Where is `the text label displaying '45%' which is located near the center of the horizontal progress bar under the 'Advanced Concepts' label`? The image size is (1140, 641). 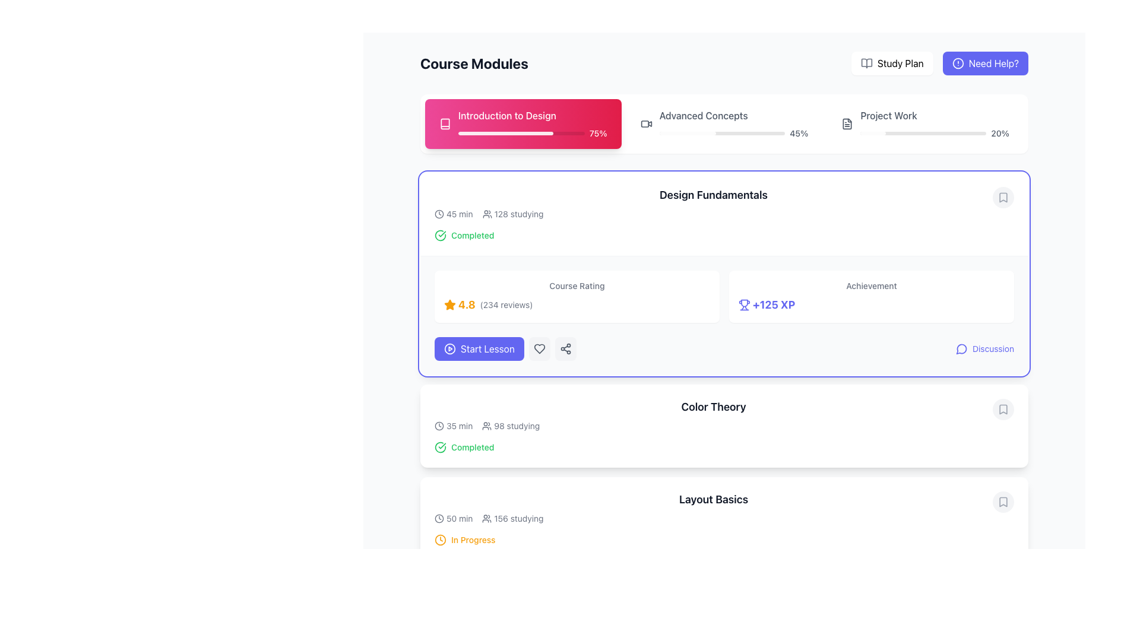 the text label displaying '45%' which is located near the center of the horizontal progress bar under the 'Advanced Concepts' label is located at coordinates (799, 133).